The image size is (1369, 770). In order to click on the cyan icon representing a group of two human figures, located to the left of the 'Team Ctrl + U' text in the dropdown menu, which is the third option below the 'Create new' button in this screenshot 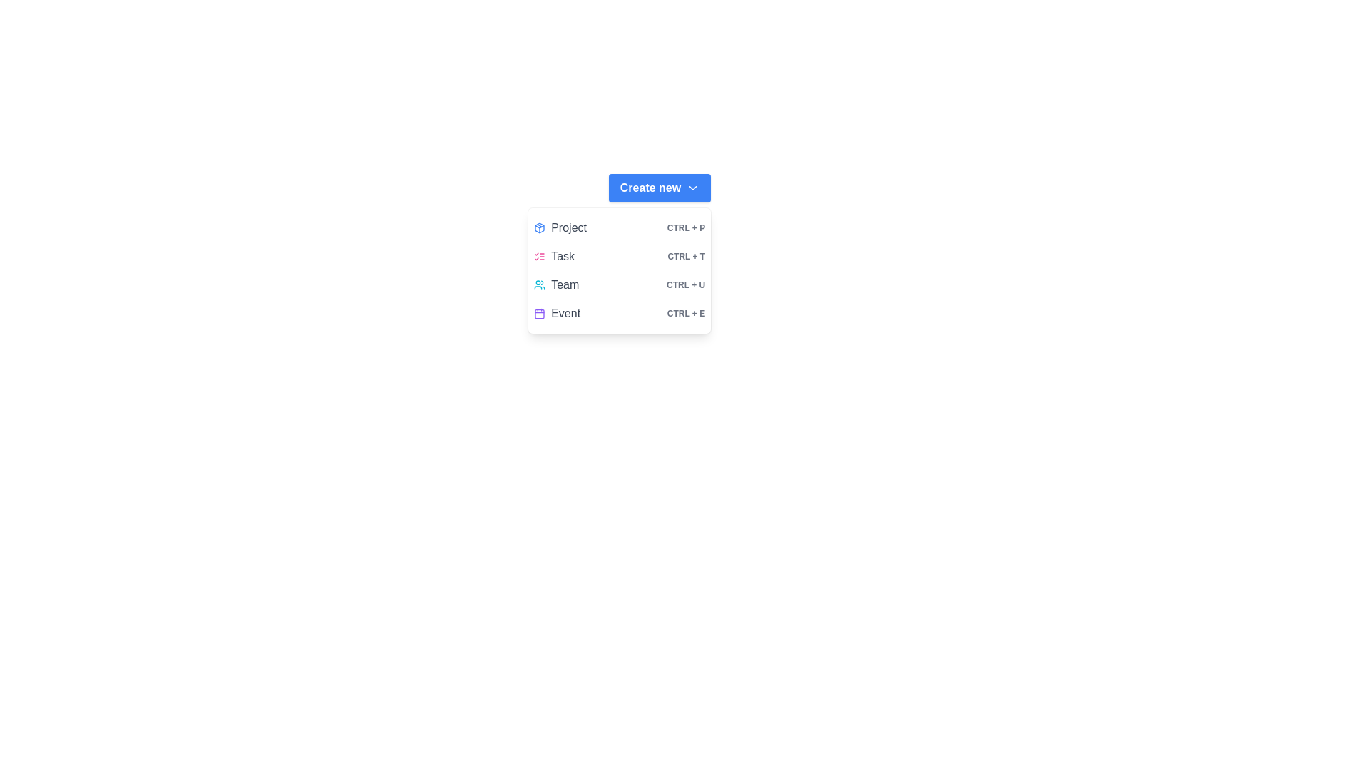, I will do `click(539, 285)`.